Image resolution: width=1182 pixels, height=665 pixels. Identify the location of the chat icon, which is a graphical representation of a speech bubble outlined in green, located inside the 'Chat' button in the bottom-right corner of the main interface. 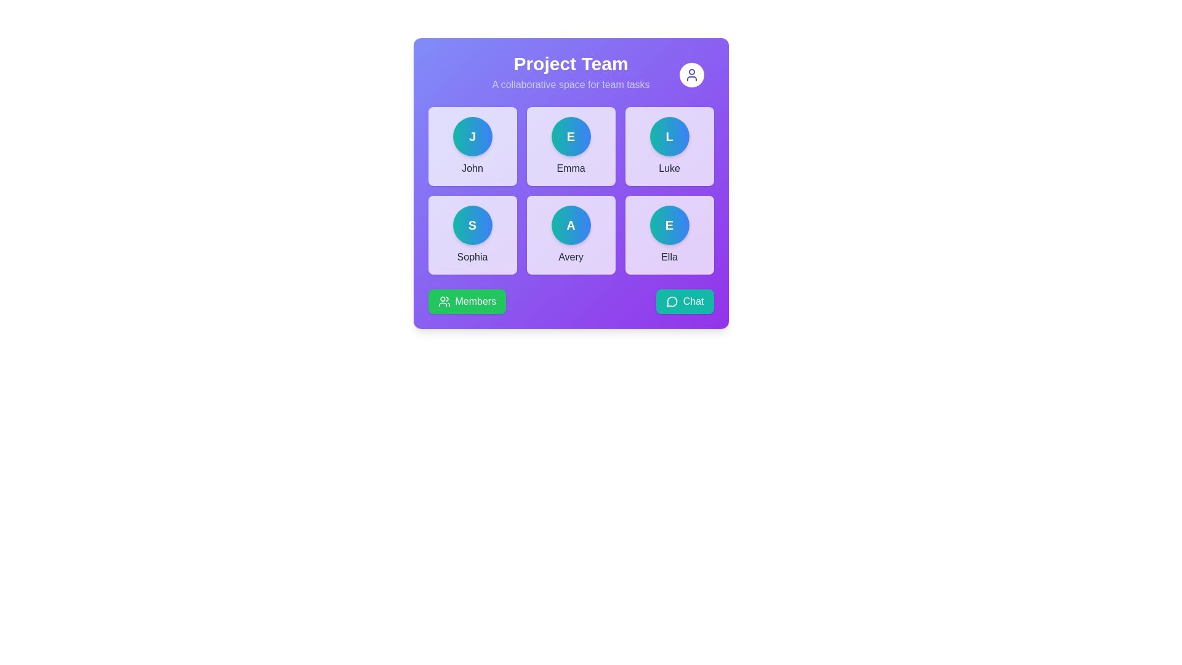
(671, 302).